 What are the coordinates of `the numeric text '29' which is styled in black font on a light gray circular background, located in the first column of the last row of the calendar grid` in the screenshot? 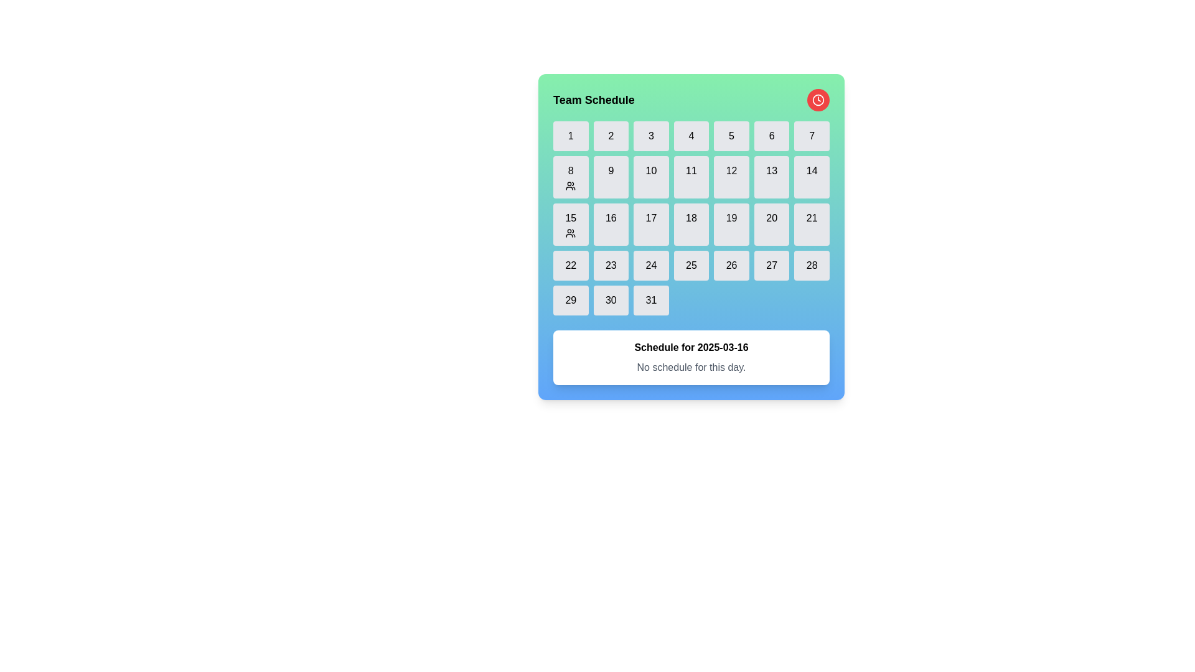 It's located at (570, 300).